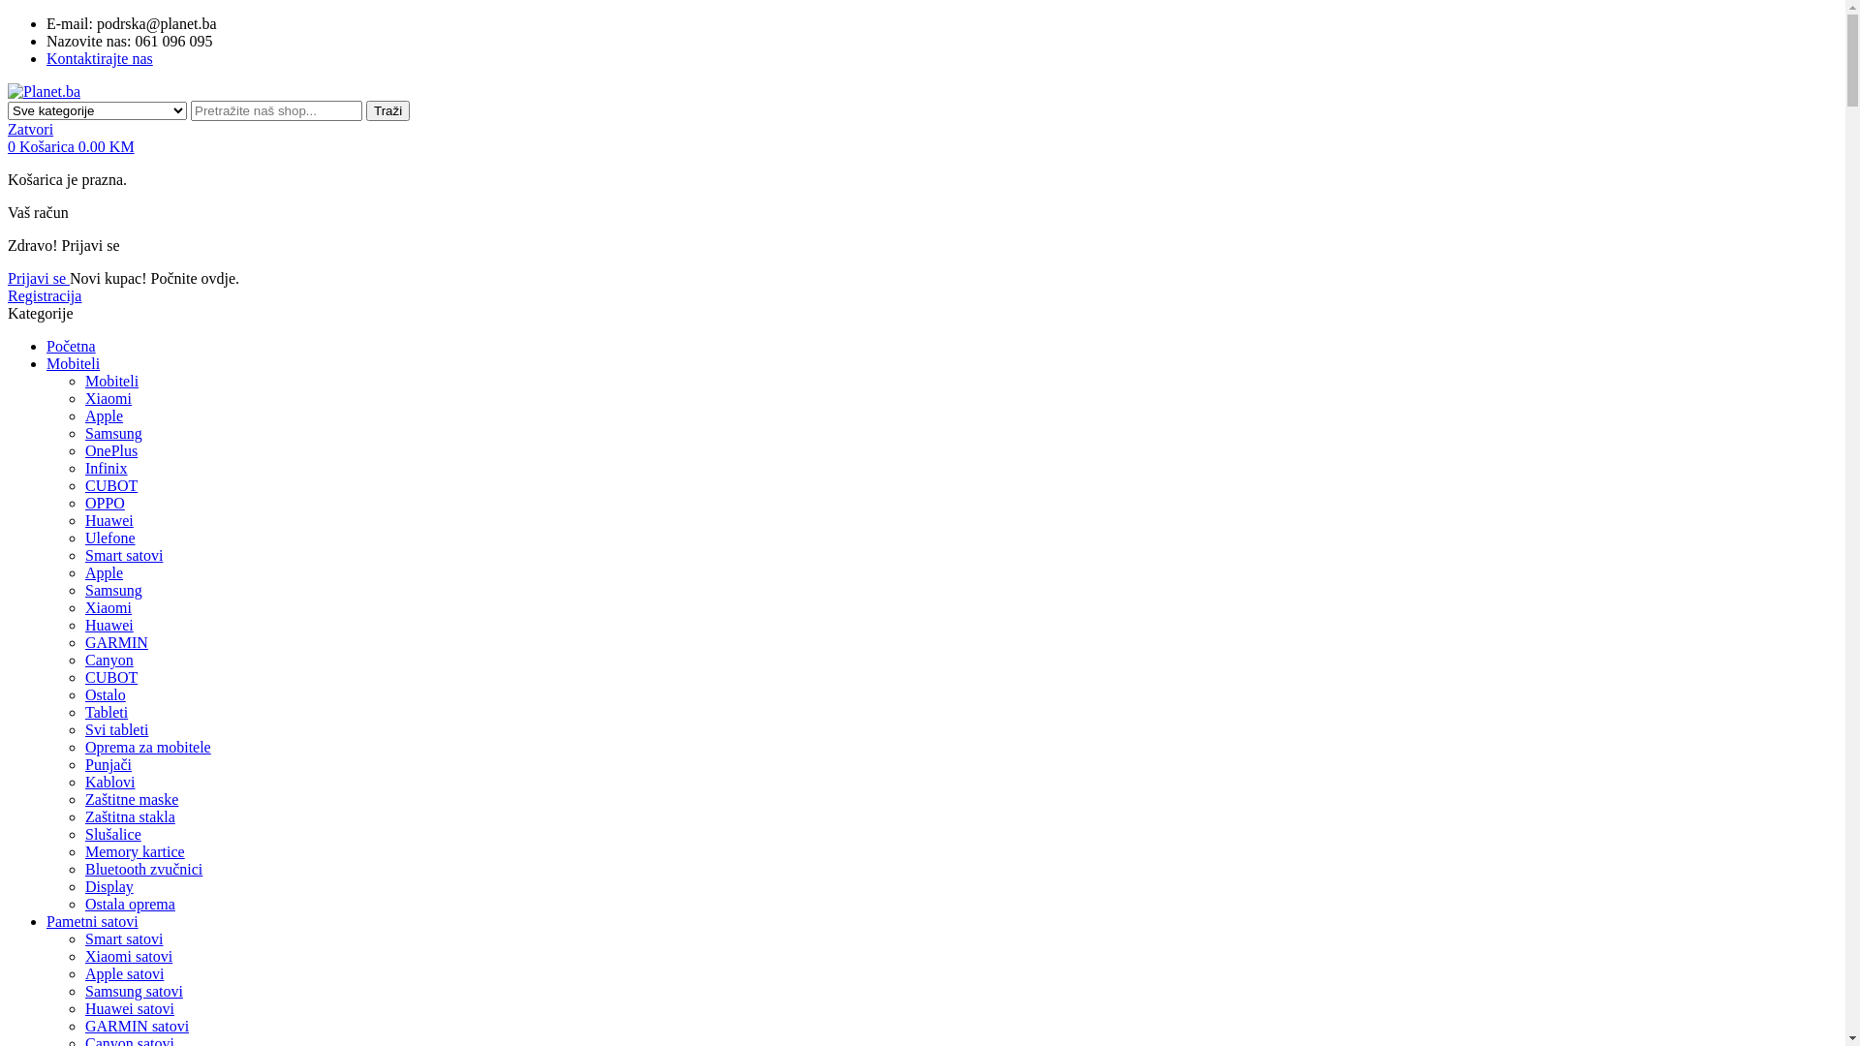  What do you see at coordinates (83, 519) in the screenshot?
I see `'Huawei'` at bounding box center [83, 519].